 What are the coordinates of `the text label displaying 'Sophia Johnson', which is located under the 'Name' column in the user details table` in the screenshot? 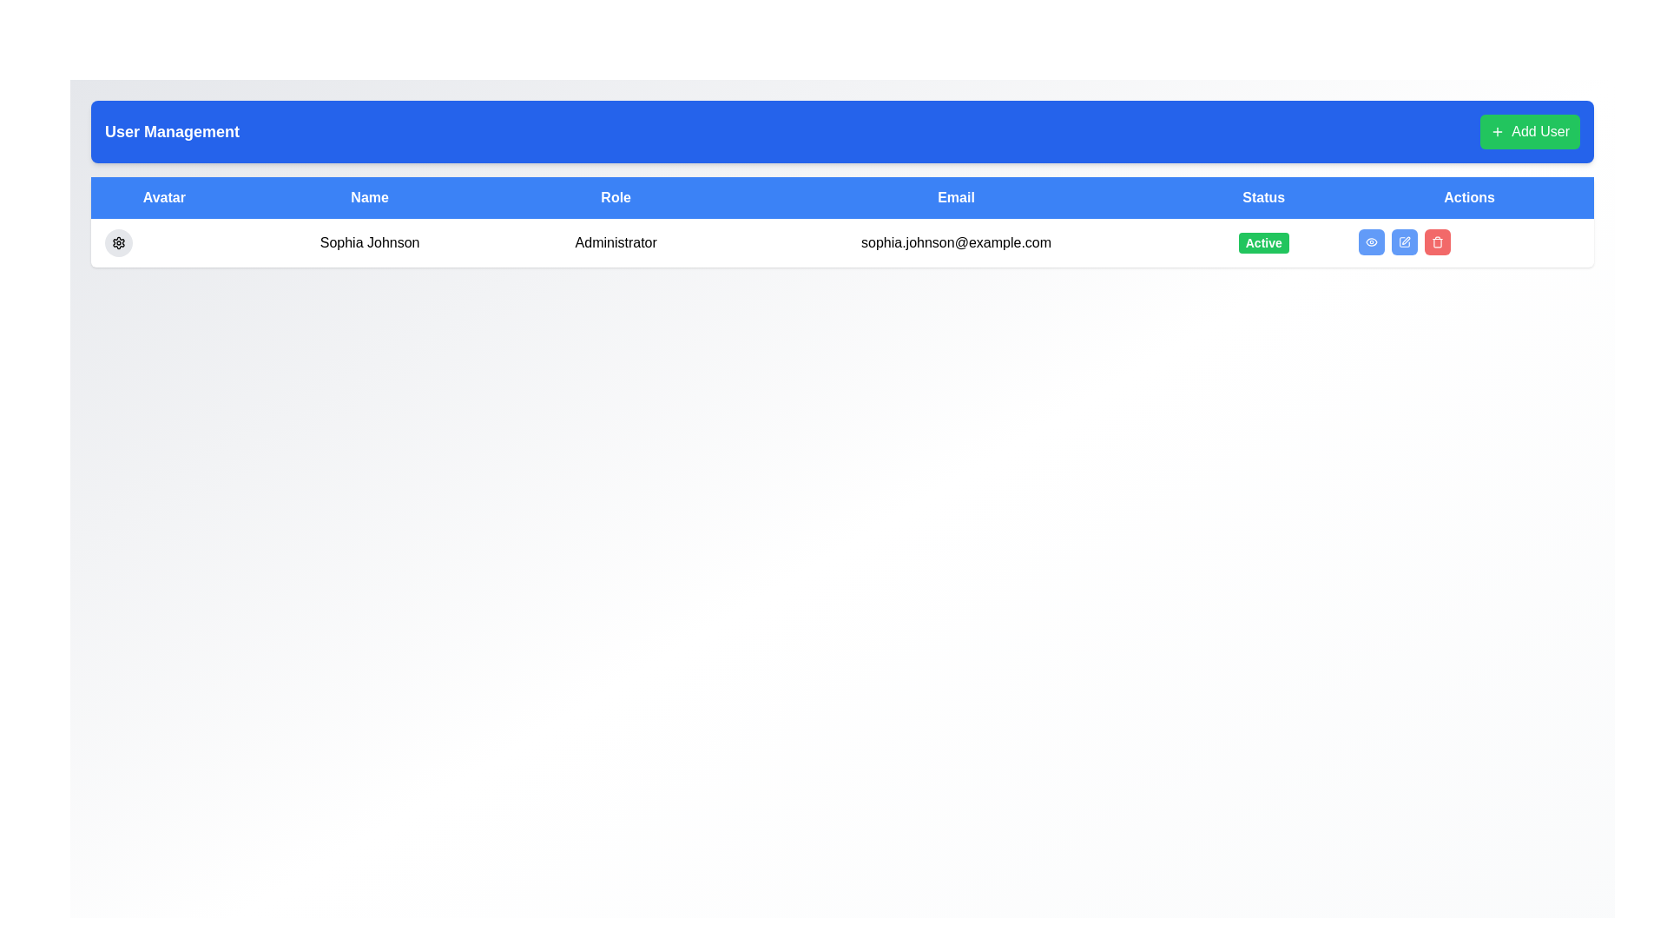 It's located at (369, 243).